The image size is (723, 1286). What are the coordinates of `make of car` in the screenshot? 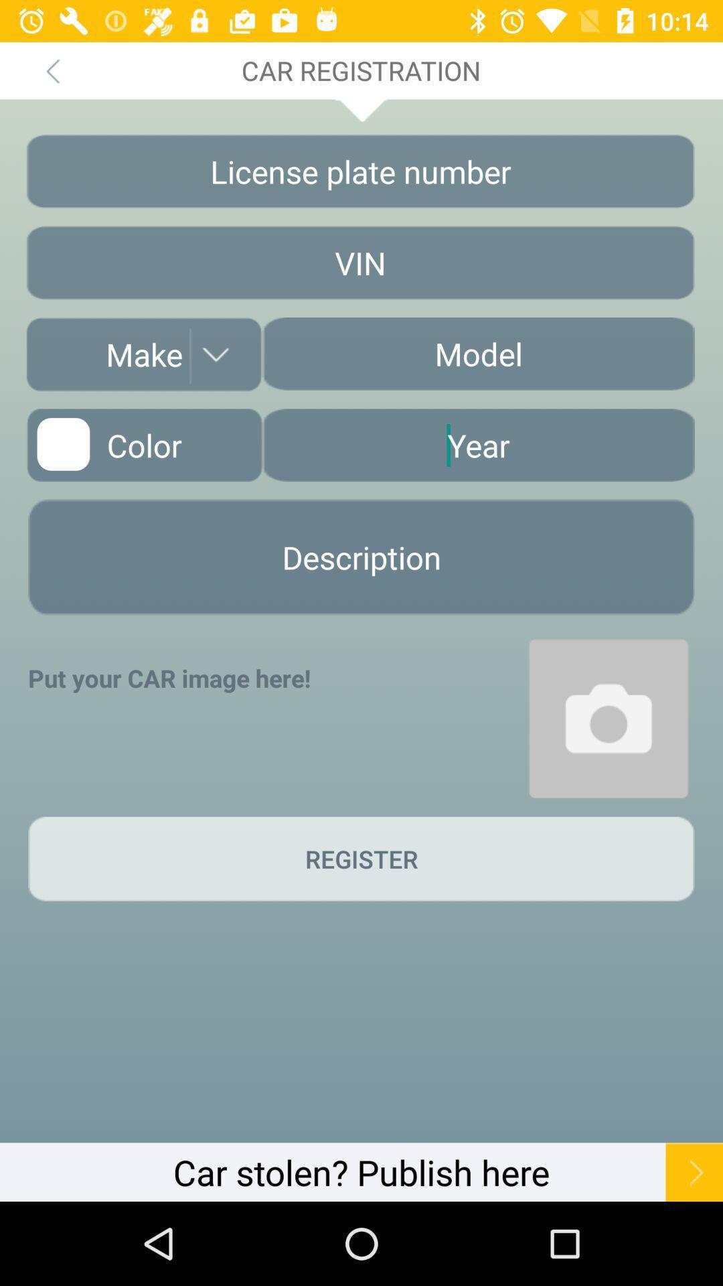 It's located at (144, 354).